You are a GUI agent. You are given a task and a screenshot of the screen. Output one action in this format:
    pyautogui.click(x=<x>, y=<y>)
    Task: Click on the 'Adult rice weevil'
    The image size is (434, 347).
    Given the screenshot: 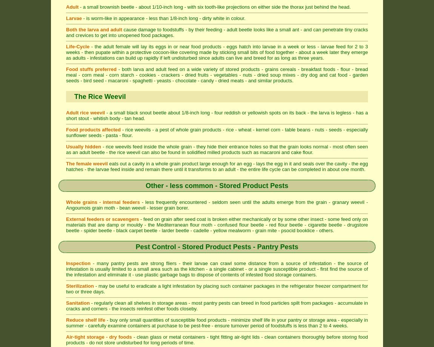 What is the action you would take?
    pyautogui.click(x=66, y=112)
    